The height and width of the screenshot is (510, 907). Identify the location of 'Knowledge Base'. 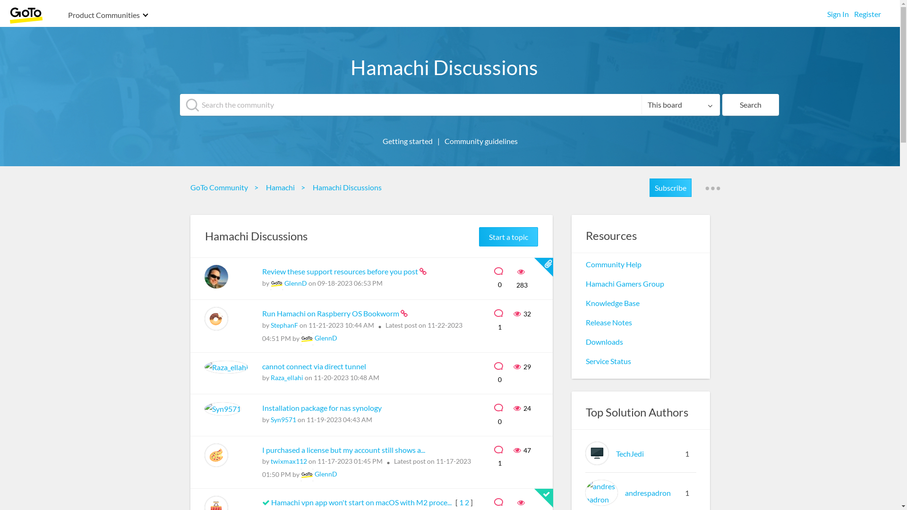
(612, 303).